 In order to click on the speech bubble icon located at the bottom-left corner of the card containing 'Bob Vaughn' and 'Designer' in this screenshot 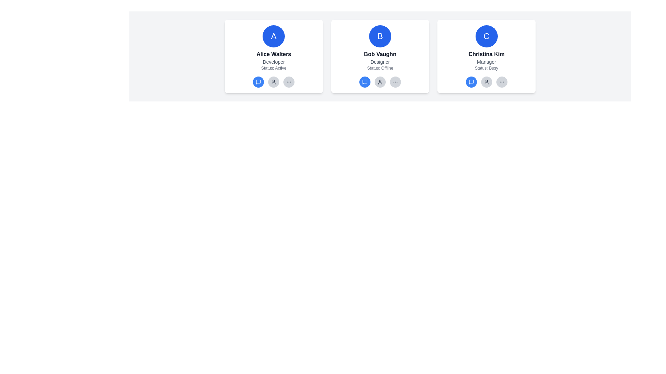, I will do `click(364, 81)`.